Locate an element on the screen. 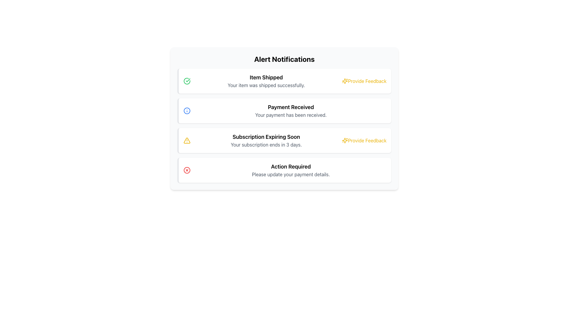 The image size is (570, 321). the text label displaying 'Subscription Expiring Soon', which is prominently positioned in the third row of the notification list is located at coordinates (266, 137).